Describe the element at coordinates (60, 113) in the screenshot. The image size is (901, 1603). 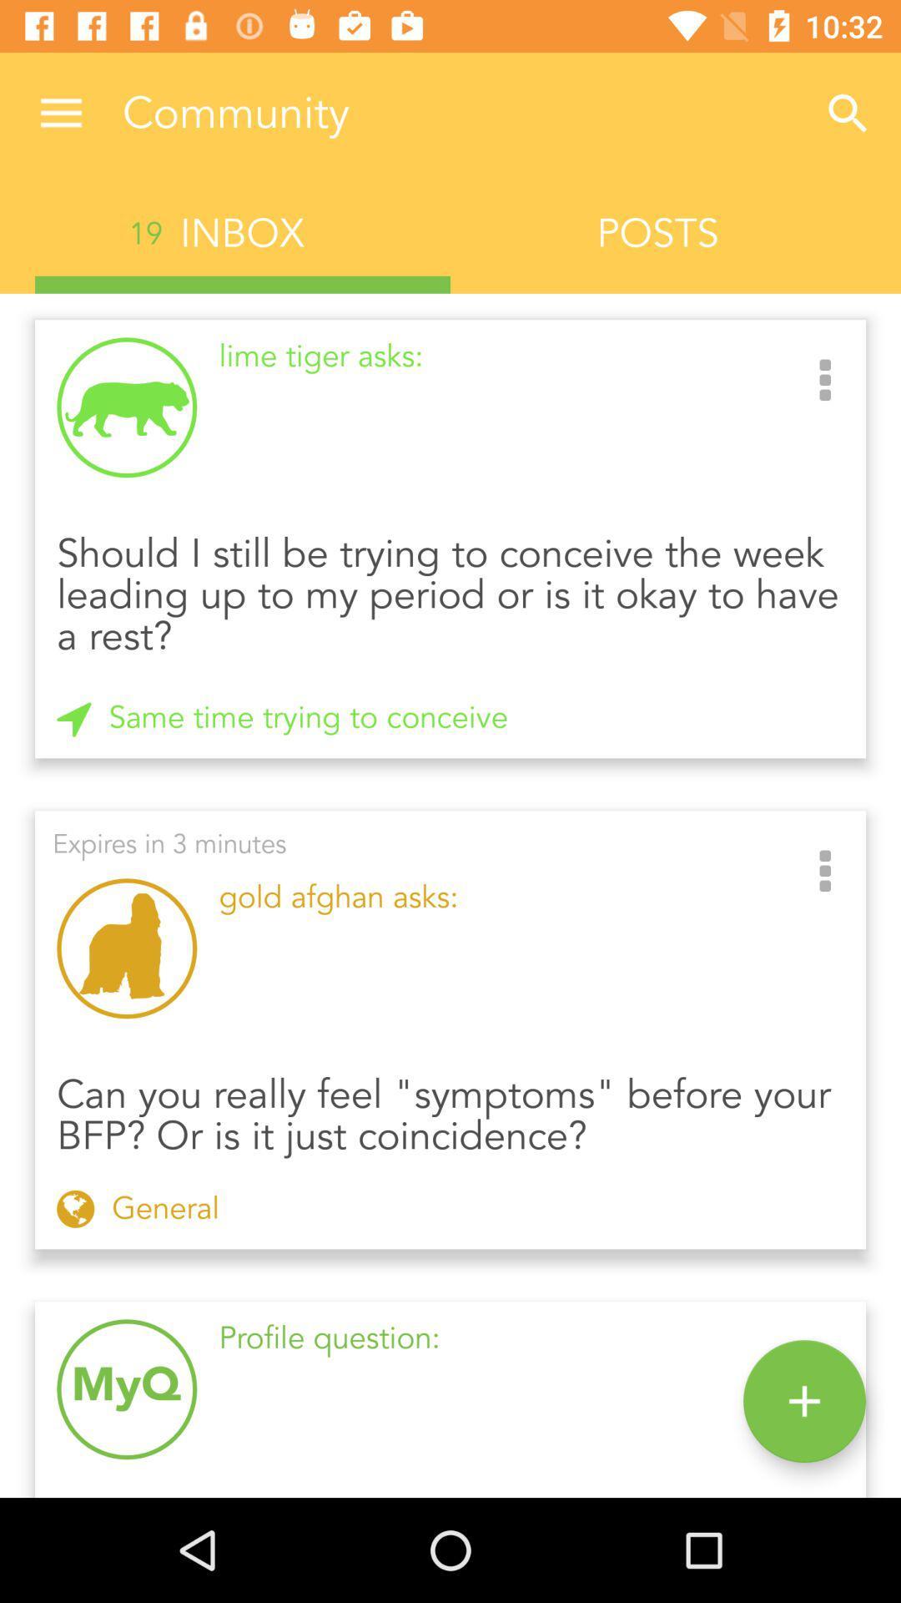
I see `item above 19 icon` at that location.